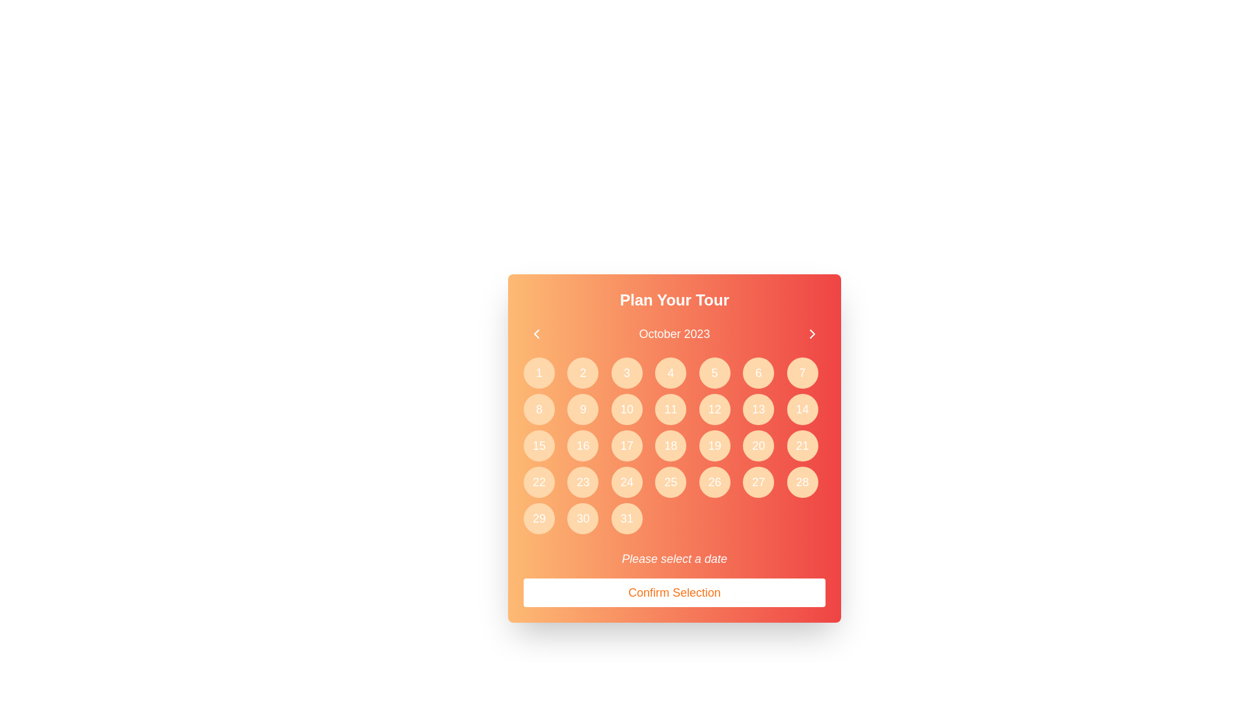  What do you see at coordinates (671, 408) in the screenshot?
I see `the circular button with a light orange background displaying the number '11' in bold white text` at bounding box center [671, 408].